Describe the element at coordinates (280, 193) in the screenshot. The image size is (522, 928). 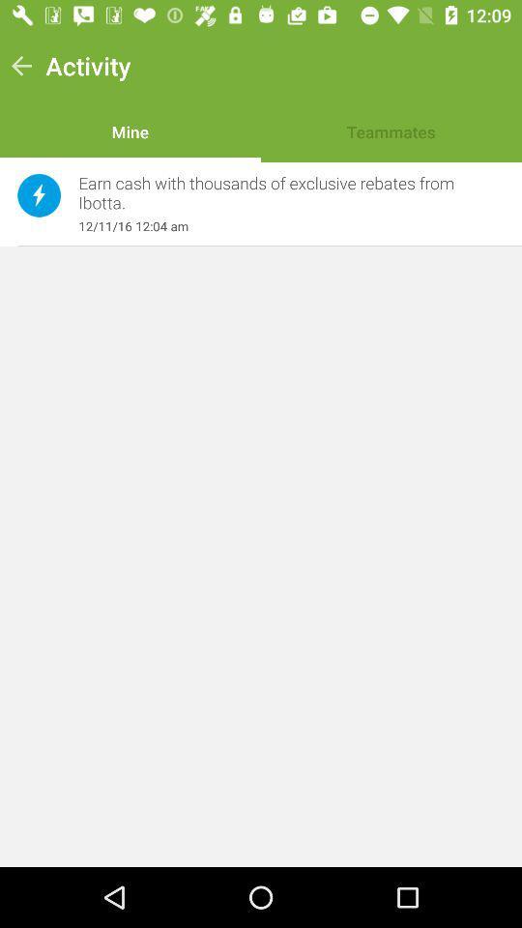
I see `earn cash with` at that location.